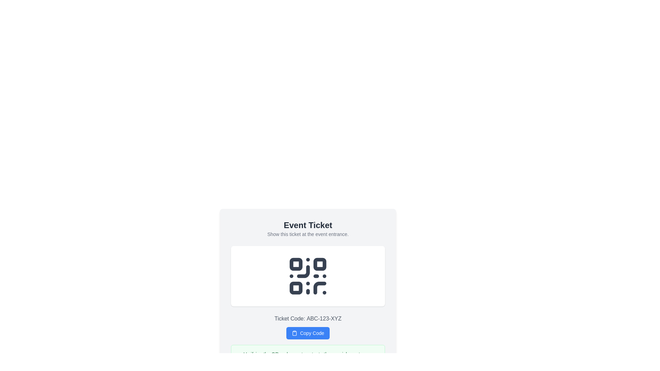  What do you see at coordinates (308, 234) in the screenshot?
I see `the Text Label that provides instructions for showing the ticket at the event entrance, which is located beneath the 'Event Ticket' title` at bounding box center [308, 234].